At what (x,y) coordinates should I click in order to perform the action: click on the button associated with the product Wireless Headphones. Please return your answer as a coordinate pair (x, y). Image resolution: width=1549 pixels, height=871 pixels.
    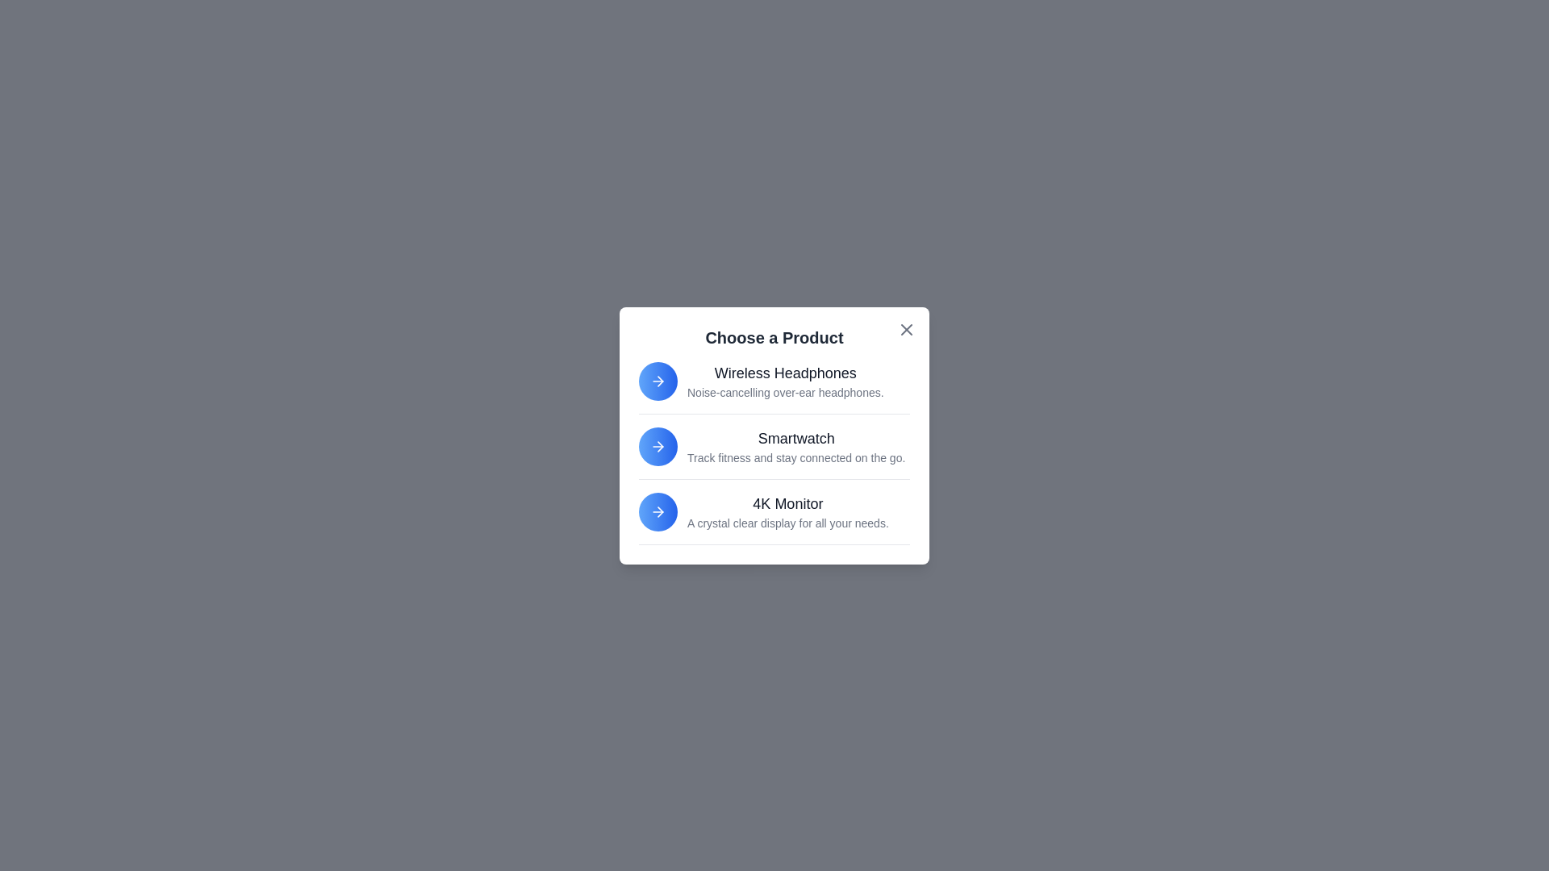
    Looking at the image, I should click on (658, 381).